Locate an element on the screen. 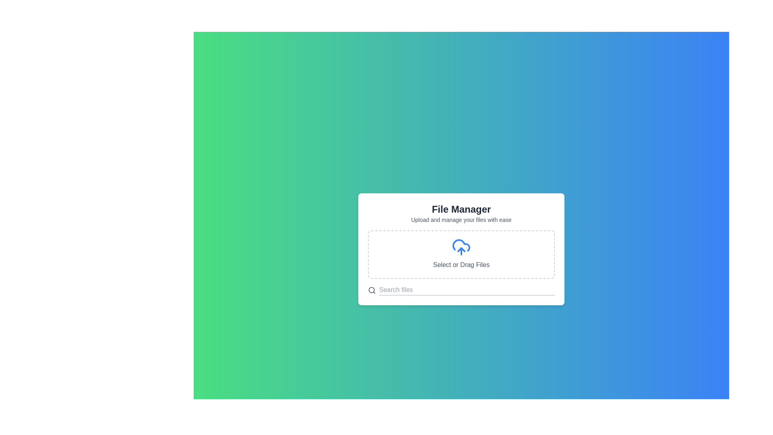 Image resolution: width=773 pixels, height=435 pixels. files onto the File upload dropzone located centrally under the heading 'File Manager' is located at coordinates (461, 253).